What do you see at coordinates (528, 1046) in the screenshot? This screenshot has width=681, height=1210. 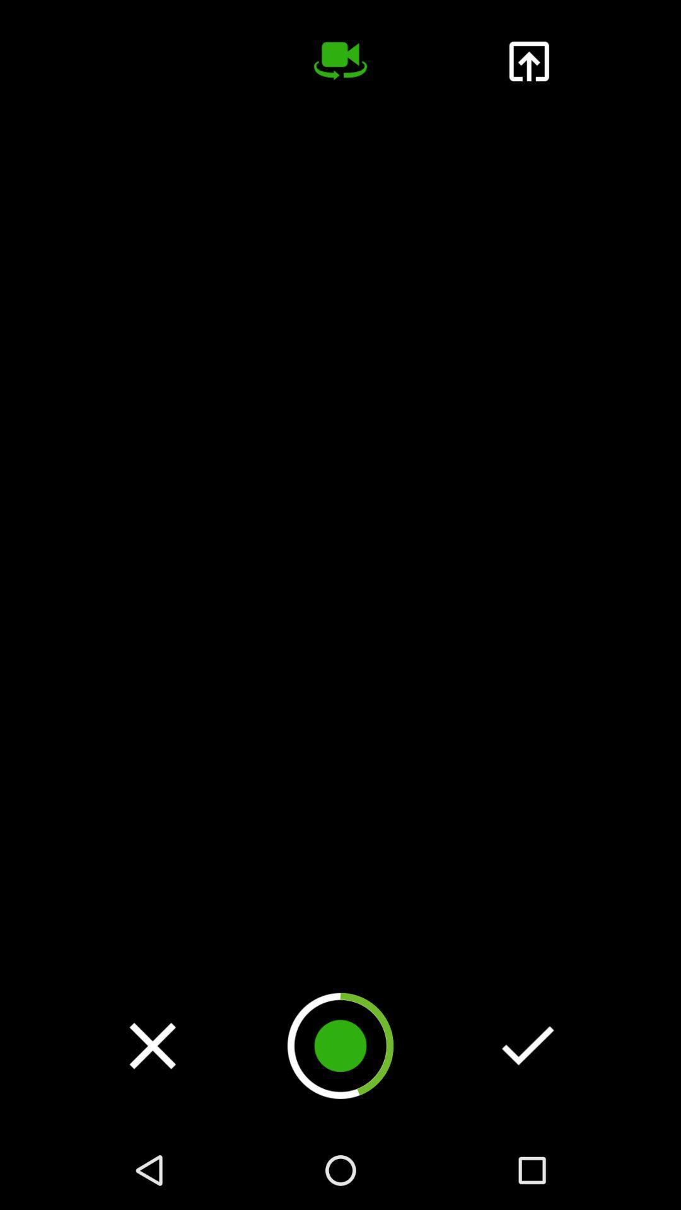 I see `ok done` at bounding box center [528, 1046].